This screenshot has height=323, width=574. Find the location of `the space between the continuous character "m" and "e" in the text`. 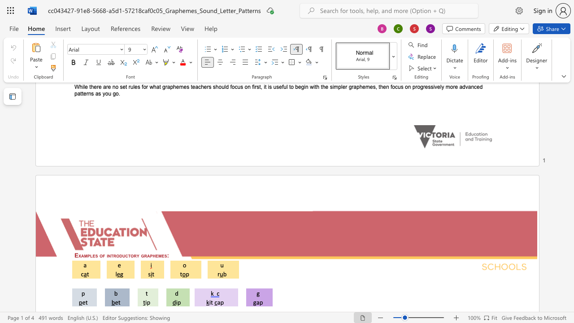

the space between the continuous character "m" and "e" in the text is located at coordinates (161, 255).